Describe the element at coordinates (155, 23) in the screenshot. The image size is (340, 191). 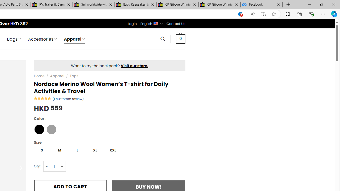
I see `'English'` at that location.